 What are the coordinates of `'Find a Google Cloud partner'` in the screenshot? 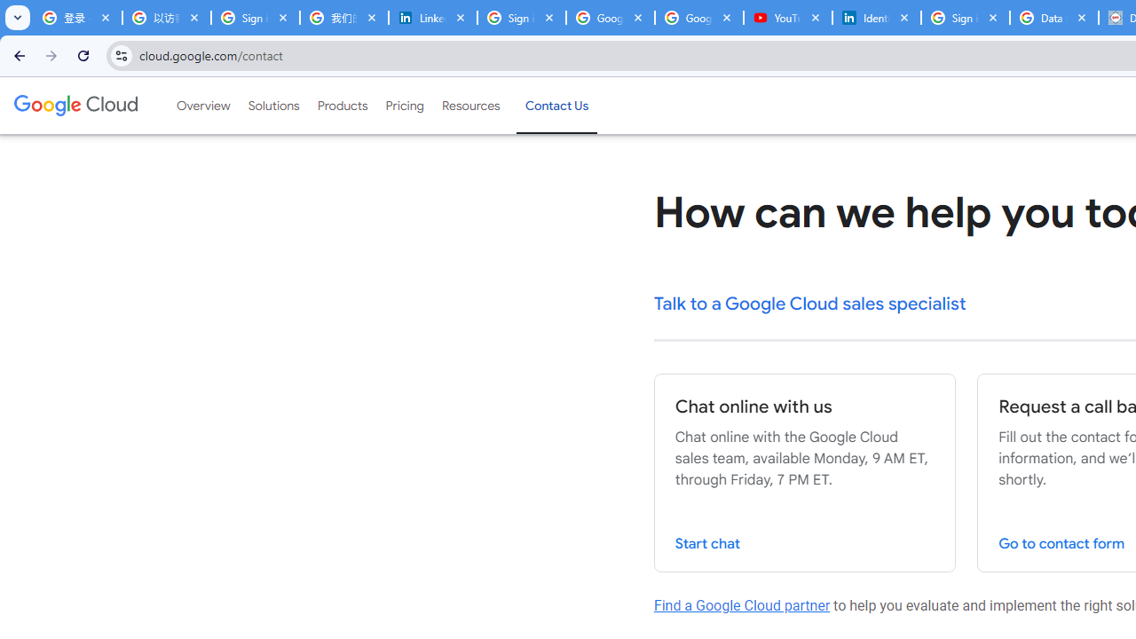 It's located at (741, 604).